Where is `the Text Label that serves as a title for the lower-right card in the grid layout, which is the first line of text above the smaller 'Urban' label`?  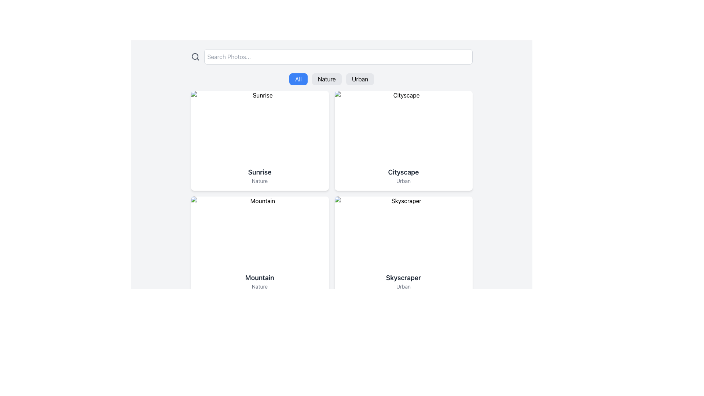
the Text Label that serves as a title for the lower-right card in the grid layout, which is the first line of text above the smaller 'Urban' label is located at coordinates (403, 278).